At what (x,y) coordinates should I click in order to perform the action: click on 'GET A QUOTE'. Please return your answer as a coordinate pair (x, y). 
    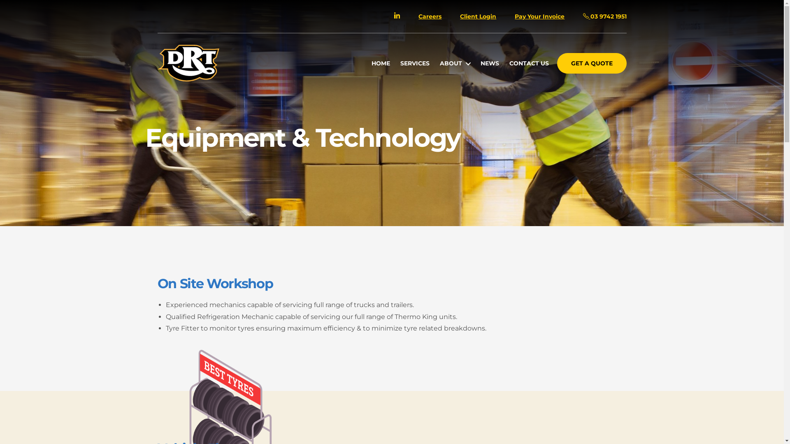
    Looking at the image, I should click on (591, 63).